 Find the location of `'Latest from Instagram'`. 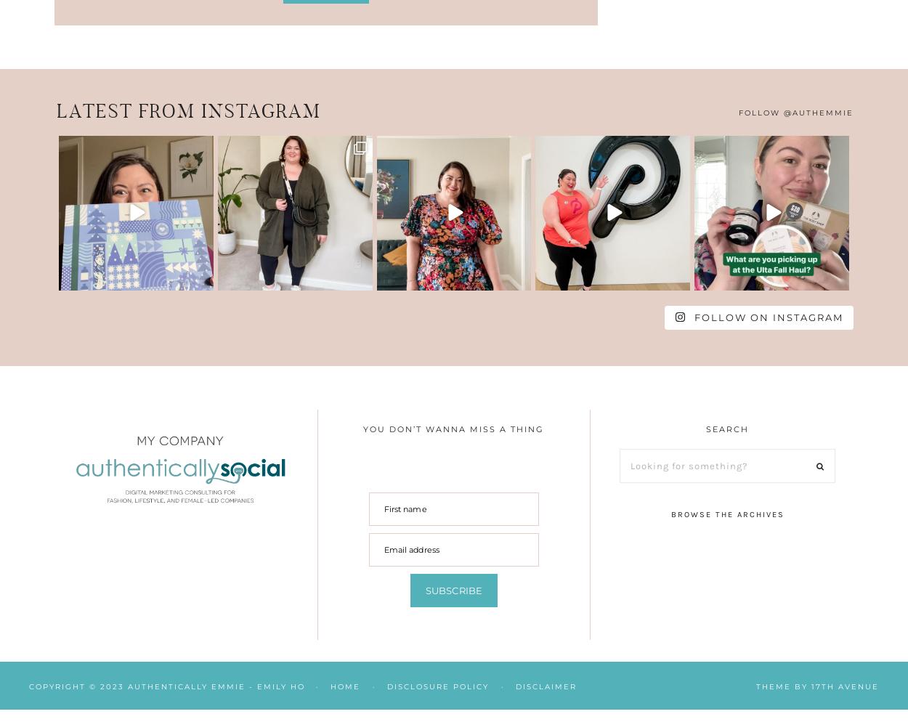

'Latest from Instagram' is located at coordinates (189, 110).